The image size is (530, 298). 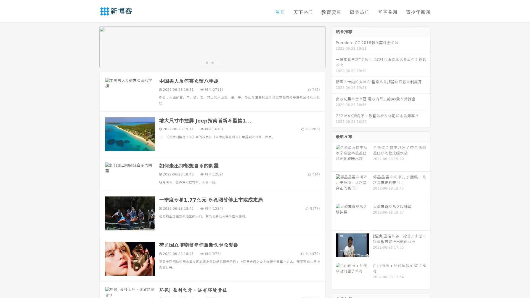 I want to click on Previous slide, so click(x=91, y=46).